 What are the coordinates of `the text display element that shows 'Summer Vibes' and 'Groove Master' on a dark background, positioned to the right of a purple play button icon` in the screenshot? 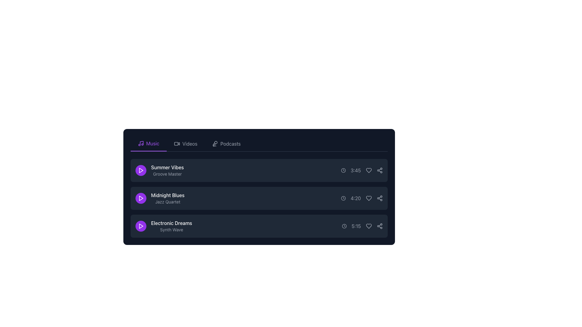 It's located at (167, 170).